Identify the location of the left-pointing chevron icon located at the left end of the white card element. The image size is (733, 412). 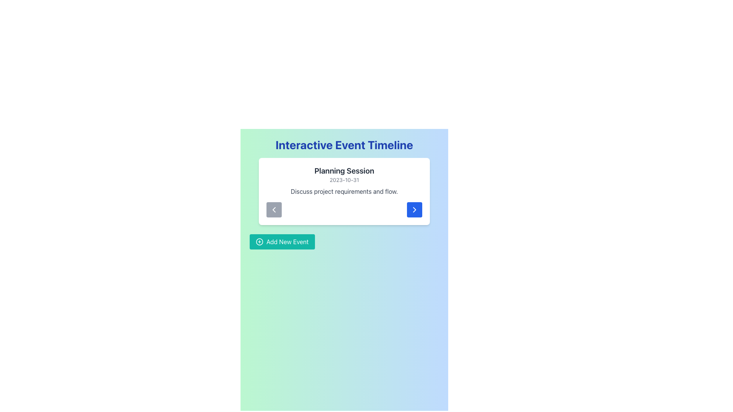
(274, 210).